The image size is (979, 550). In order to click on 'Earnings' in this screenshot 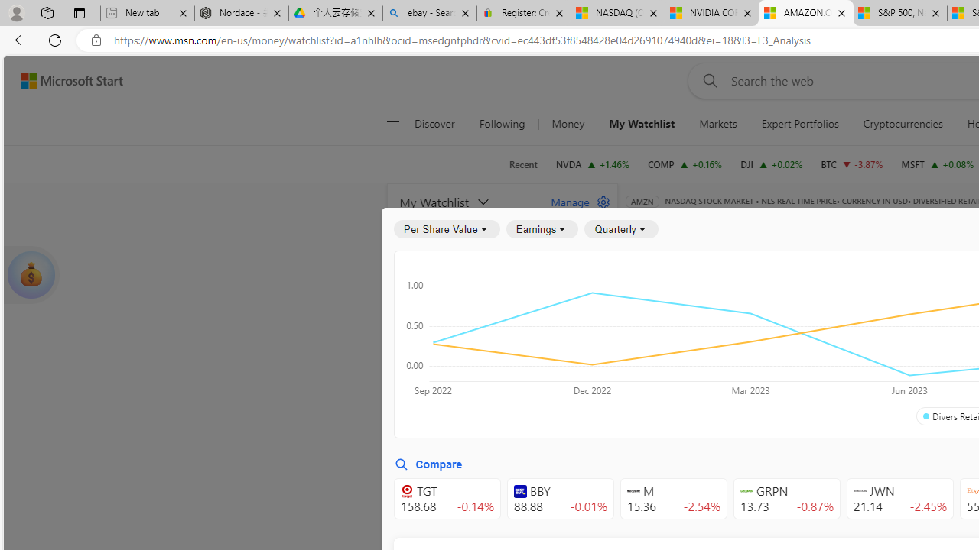, I will do `click(542, 229)`.